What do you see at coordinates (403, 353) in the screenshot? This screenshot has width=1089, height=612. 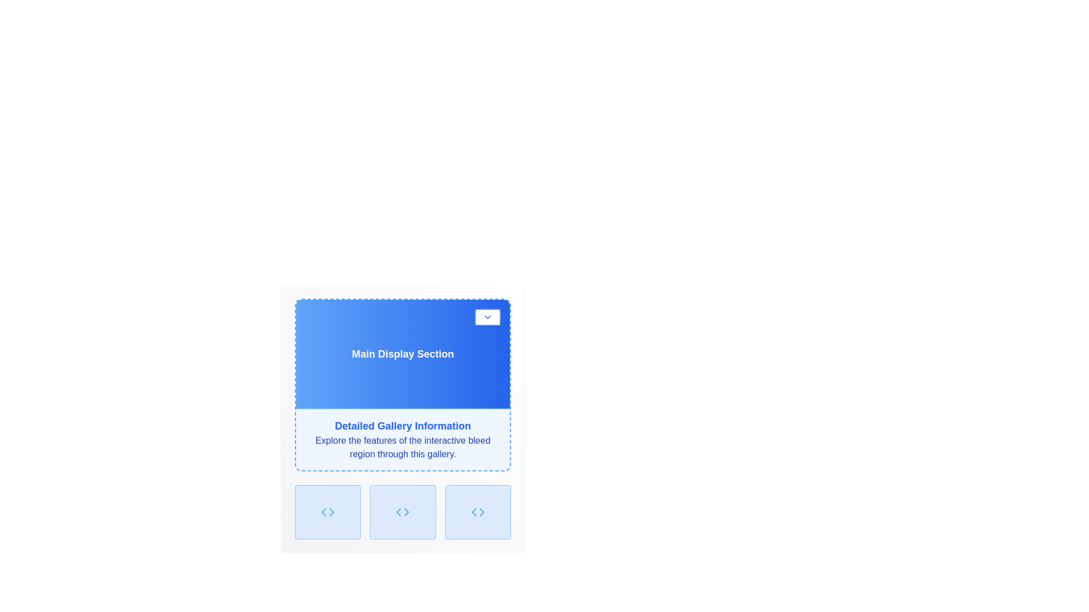 I see `the Display Section, which serves as a visual focus area displaying key information, located above the 'Detailed Gallery Information' section` at bounding box center [403, 353].